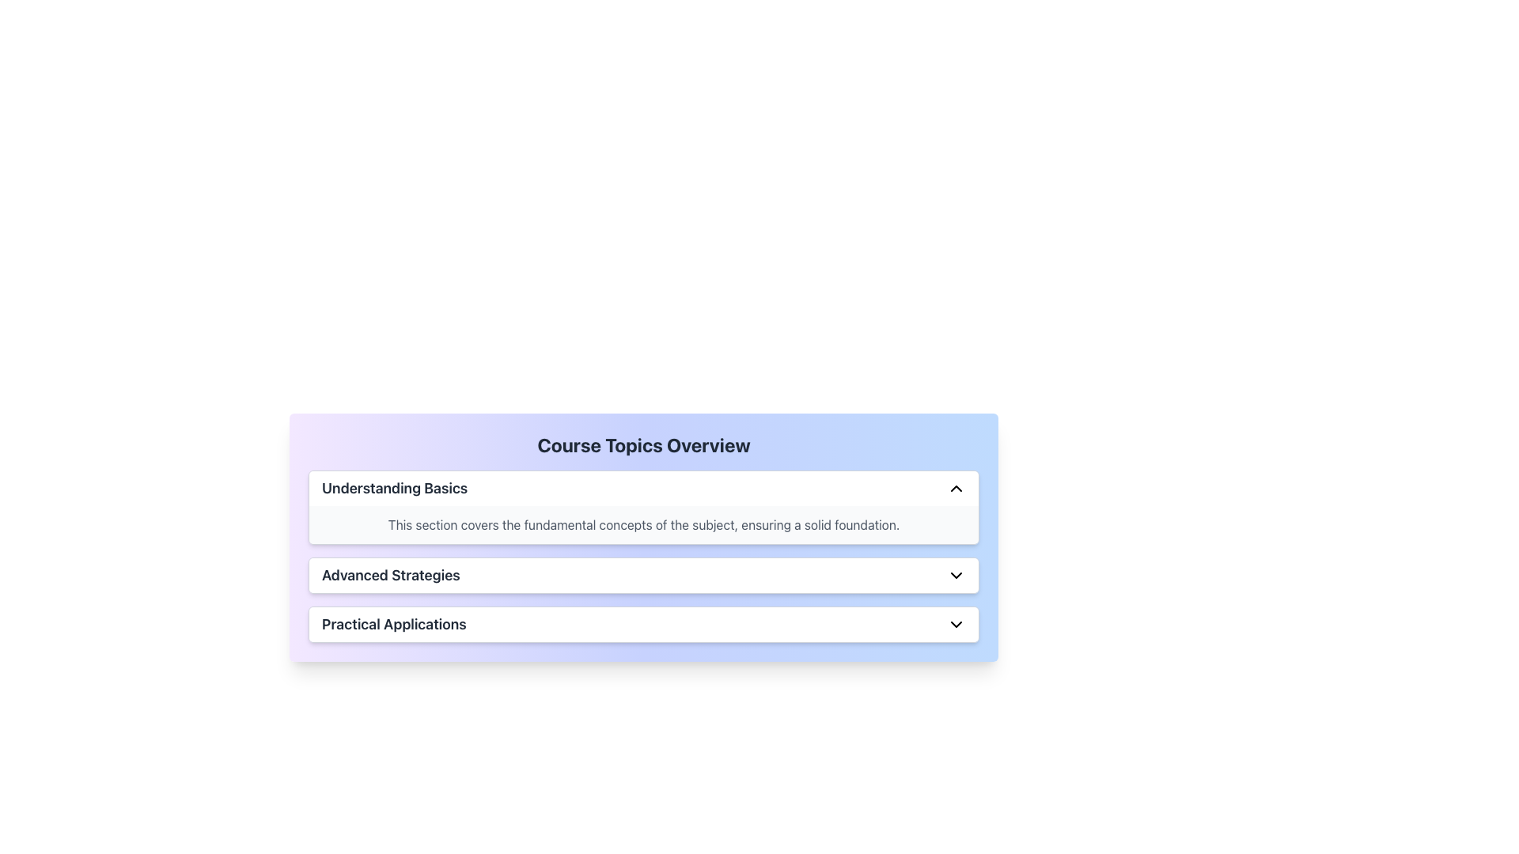  I want to click on the Chevron Down icon, which is located at the rightmost end of the 'Practical Applications' row, so click(956, 624).